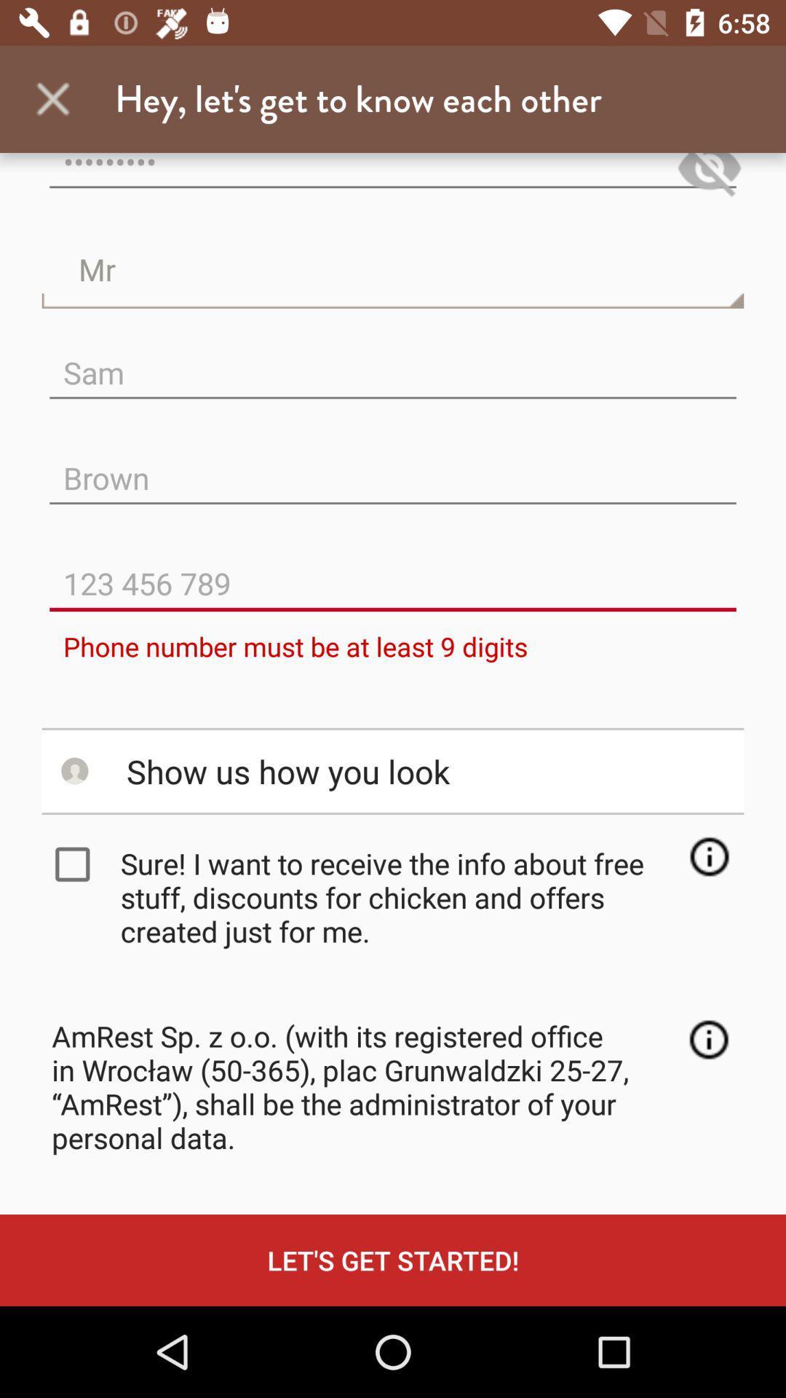 Image resolution: width=786 pixels, height=1398 pixels. Describe the element at coordinates (76, 864) in the screenshot. I see `checkbox` at that location.